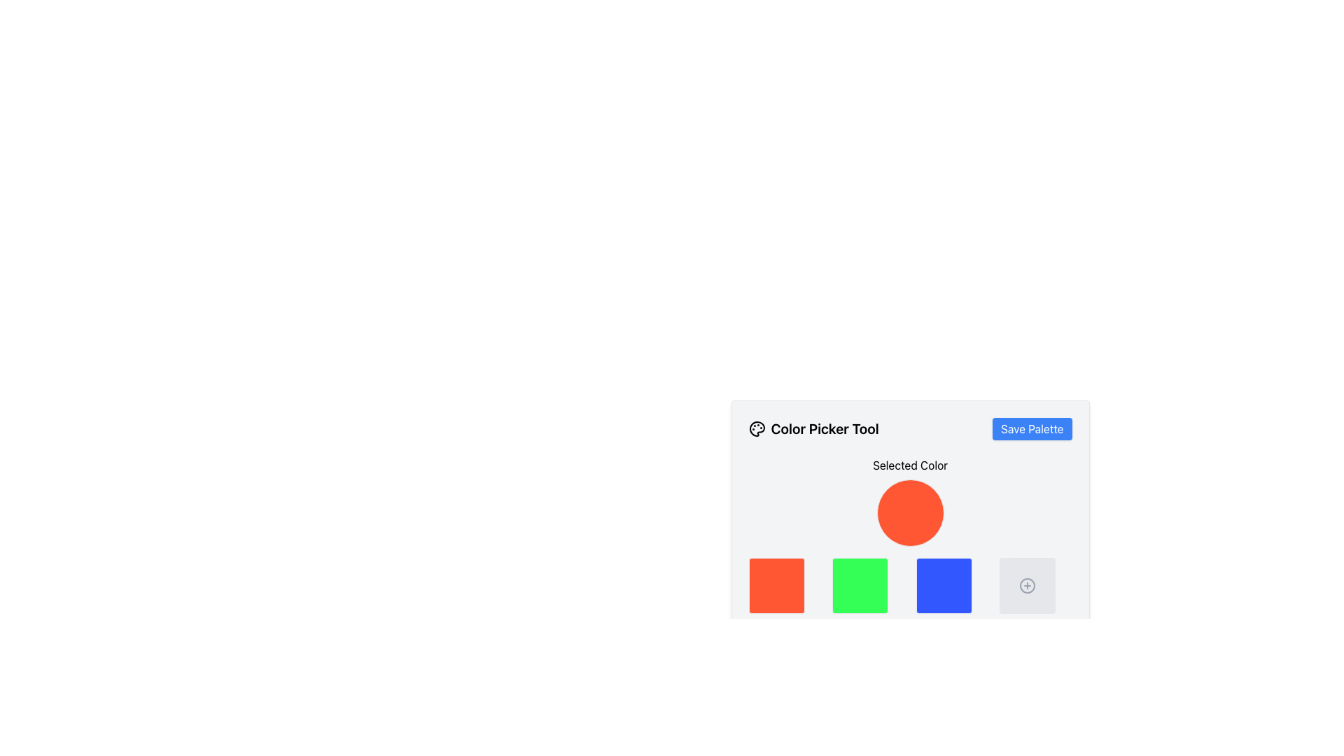  I want to click on label text 'Selected Color' which indicates the context for the color preview element below it, so click(910, 465).